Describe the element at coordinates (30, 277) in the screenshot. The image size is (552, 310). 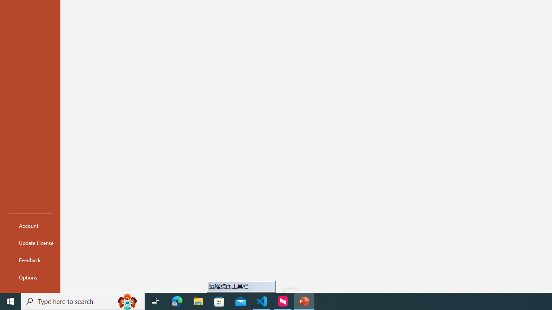
I see `'Options'` at that location.